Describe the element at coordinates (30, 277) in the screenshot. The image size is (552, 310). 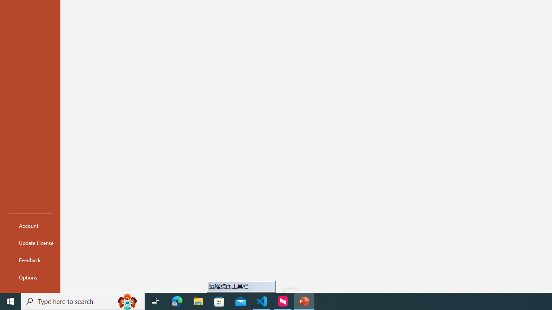
I see `'Options'` at that location.